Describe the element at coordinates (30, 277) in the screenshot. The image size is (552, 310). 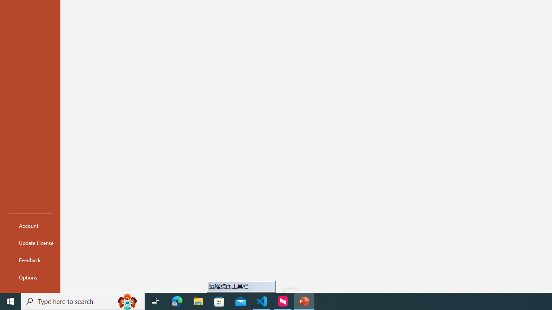
I see `'Options'` at that location.